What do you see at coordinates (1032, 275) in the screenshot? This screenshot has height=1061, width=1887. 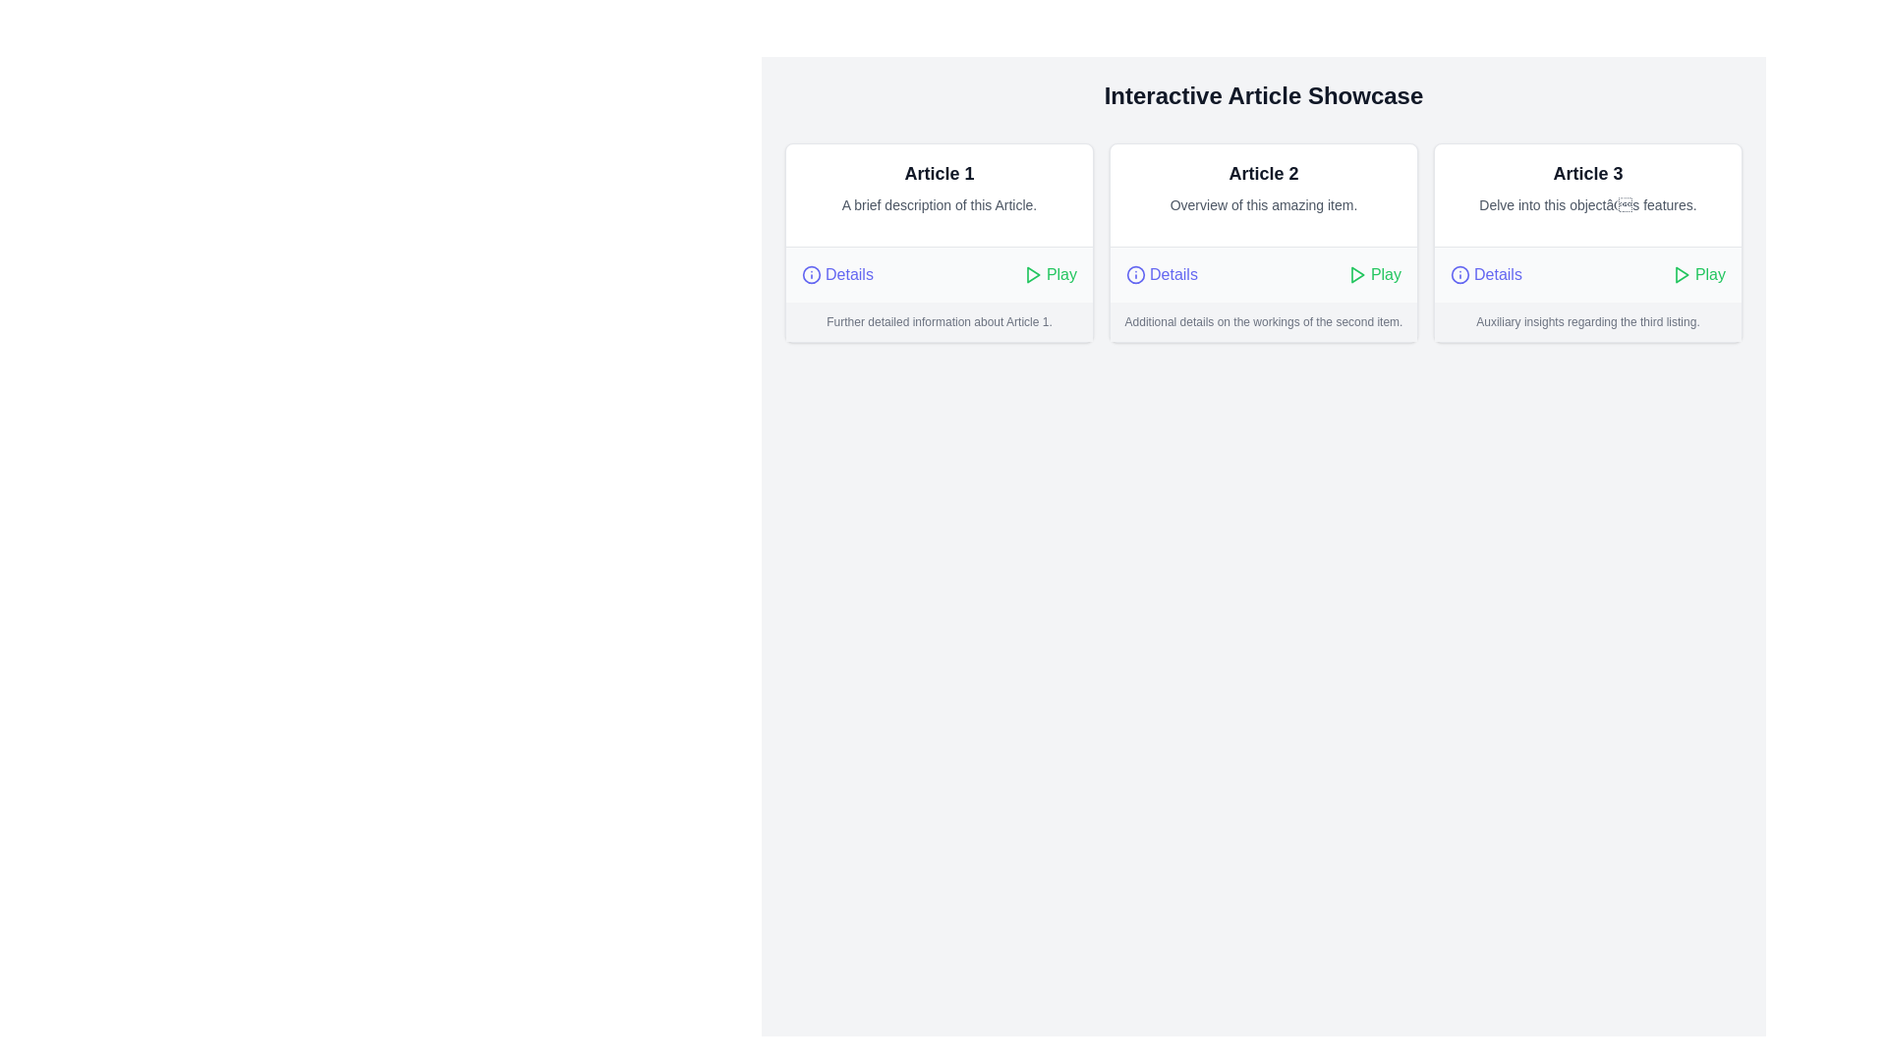 I see `the triangular-shaped play button icon with a green outline located in the lower section of the 'Article 1' card, next to the 'Details' link` at bounding box center [1032, 275].